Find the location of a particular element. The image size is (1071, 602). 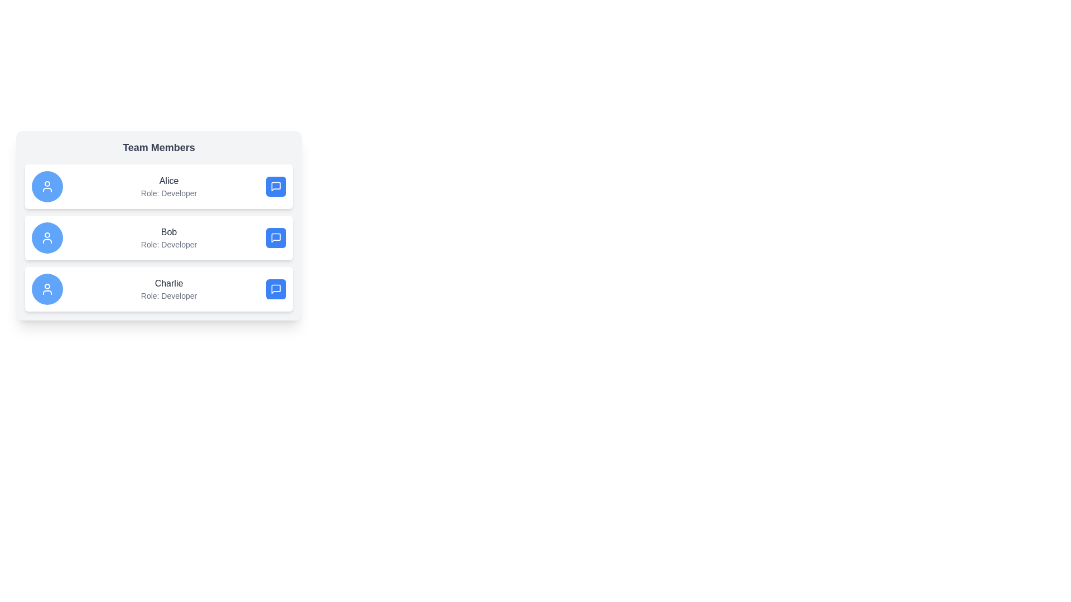

the SVG icon embedded within the button associated with team member 'Bob' in the 'Team Members' list for accessibility purposes is located at coordinates (276, 237).